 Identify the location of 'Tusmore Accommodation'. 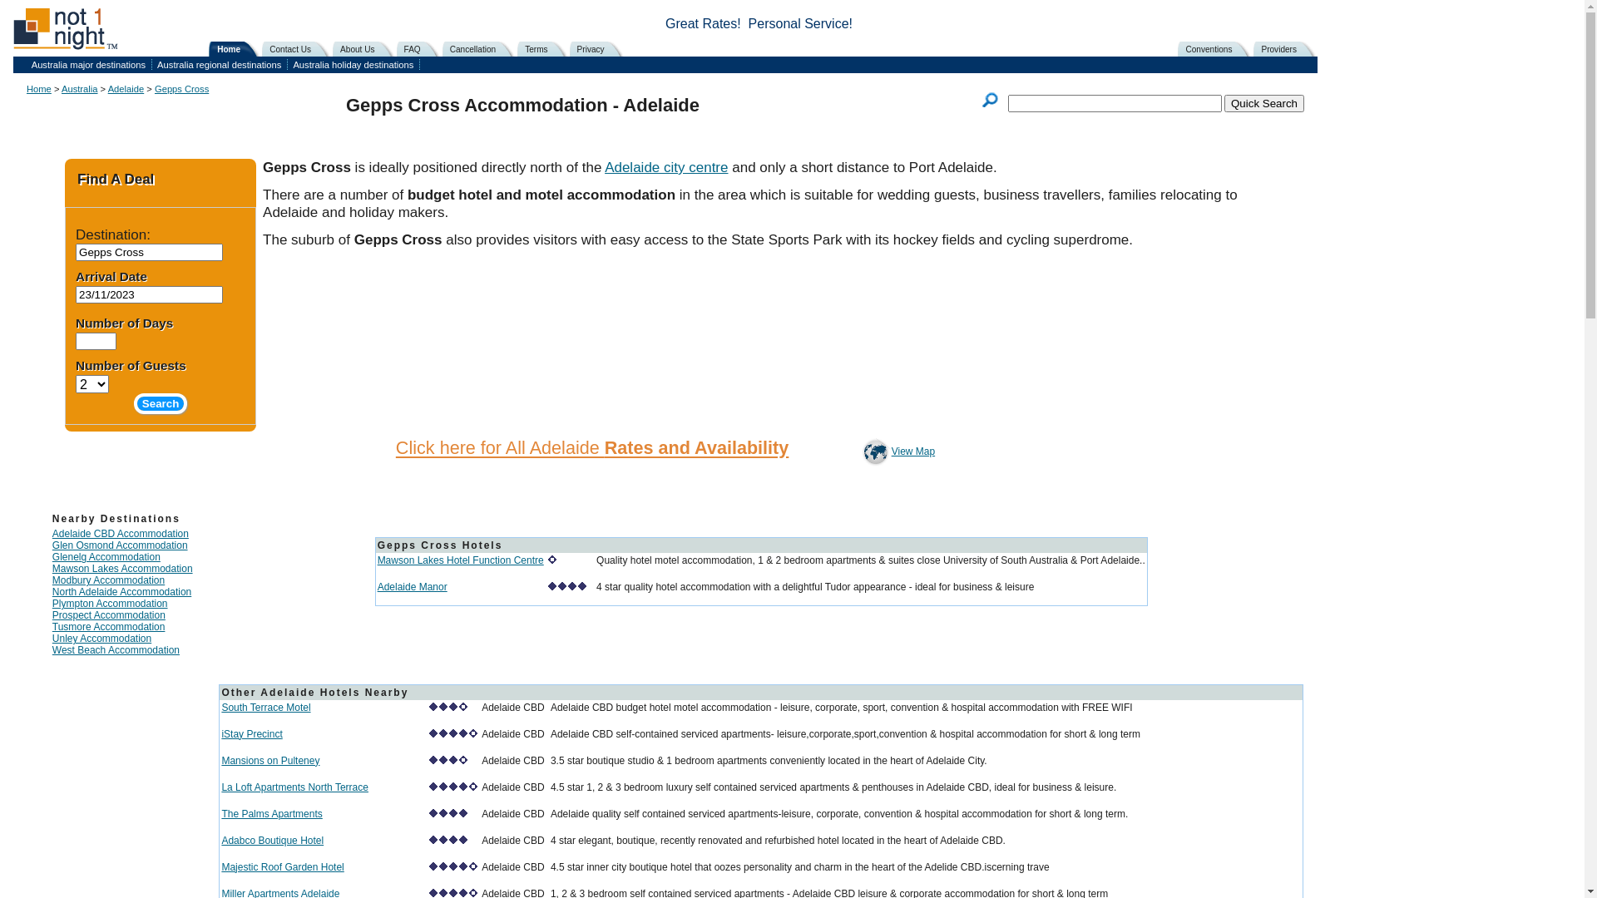
(107, 626).